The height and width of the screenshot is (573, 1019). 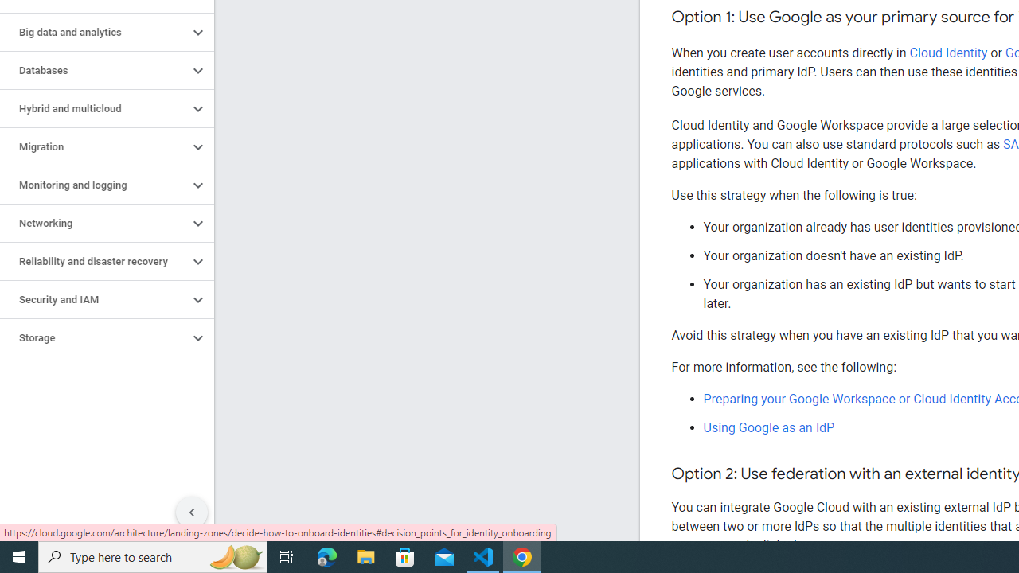 I want to click on 'Reliability and disaster recovery', so click(x=93, y=261).